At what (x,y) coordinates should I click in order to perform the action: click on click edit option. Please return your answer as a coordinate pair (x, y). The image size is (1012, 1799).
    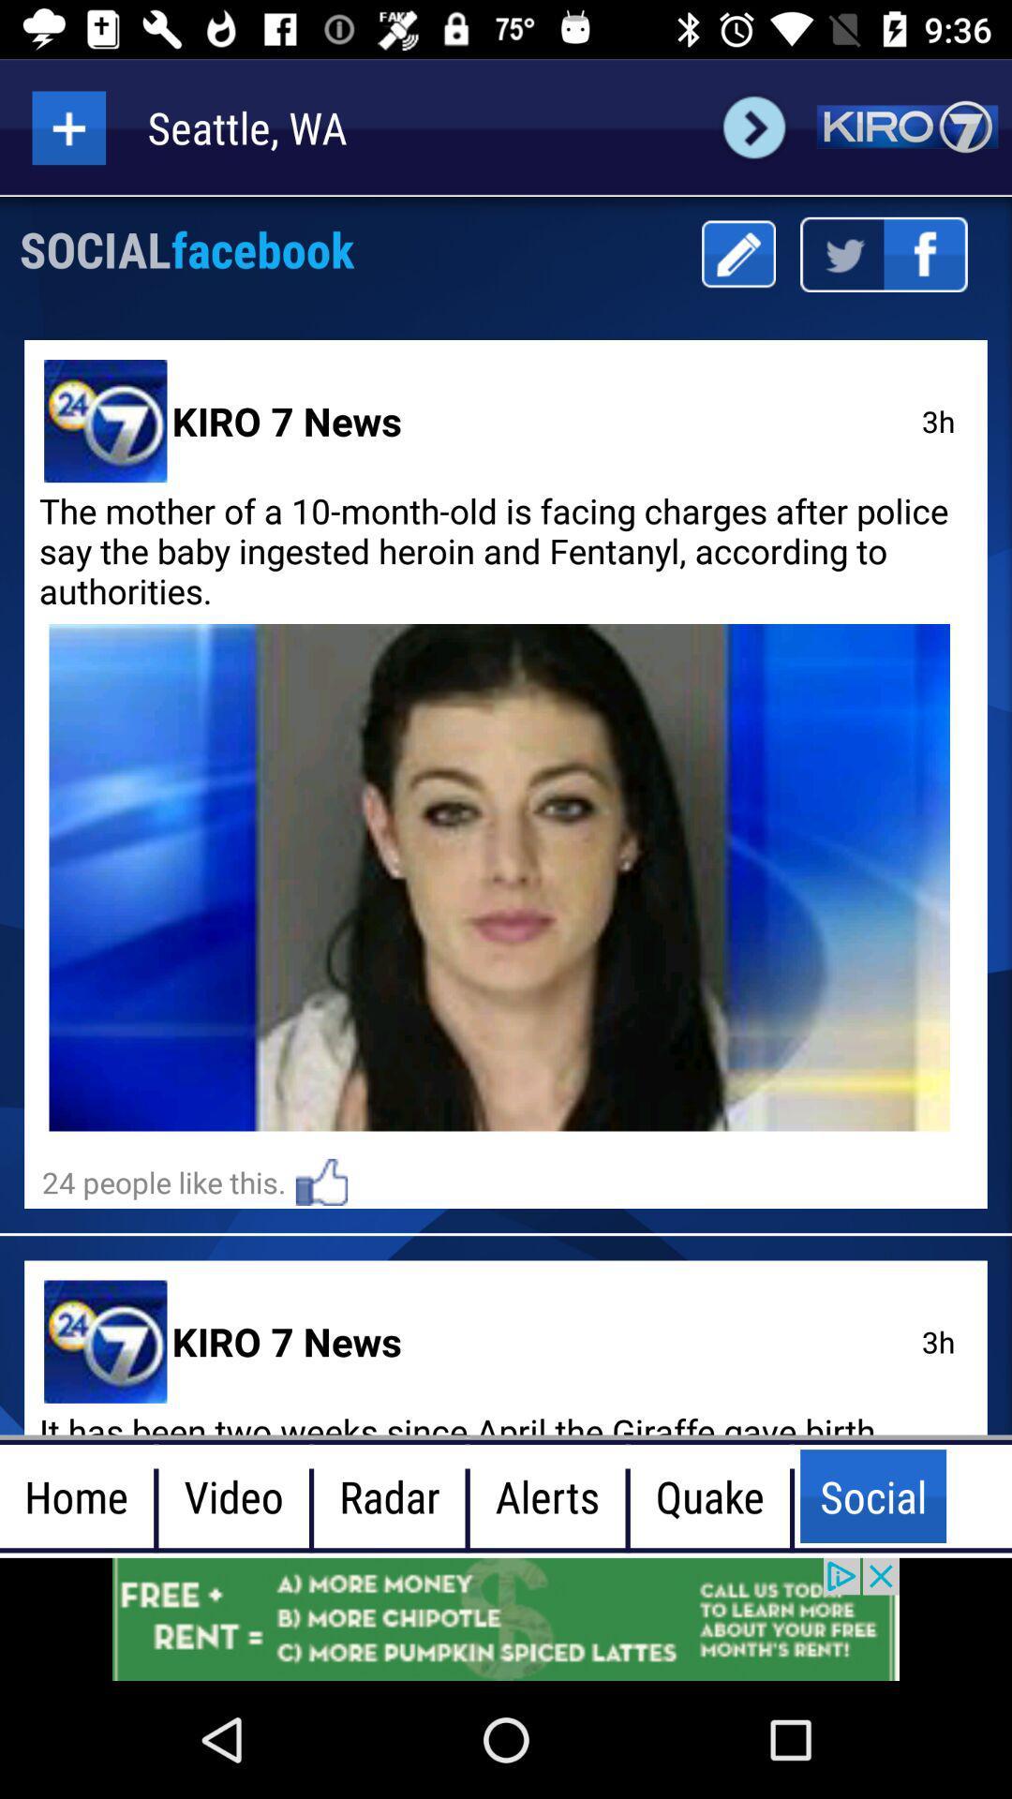
    Looking at the image, I should click on (737, 253).